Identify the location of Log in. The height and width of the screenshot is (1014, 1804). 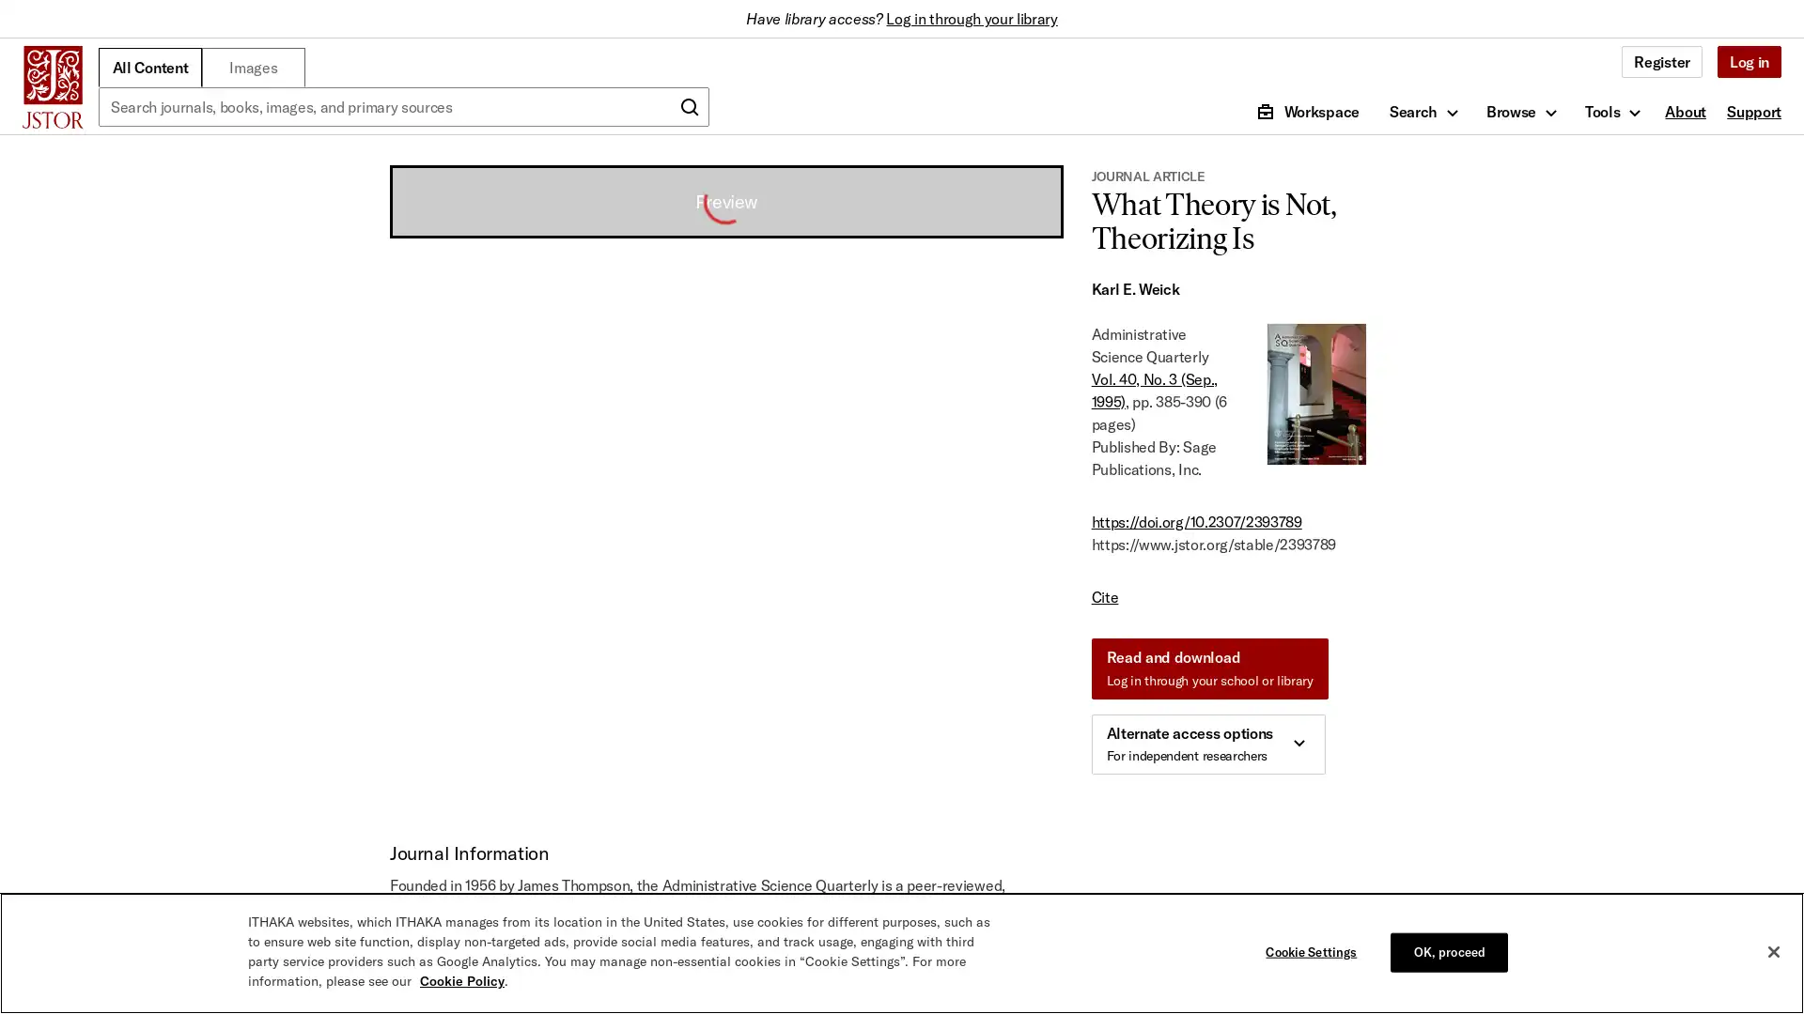
(1748, 60).